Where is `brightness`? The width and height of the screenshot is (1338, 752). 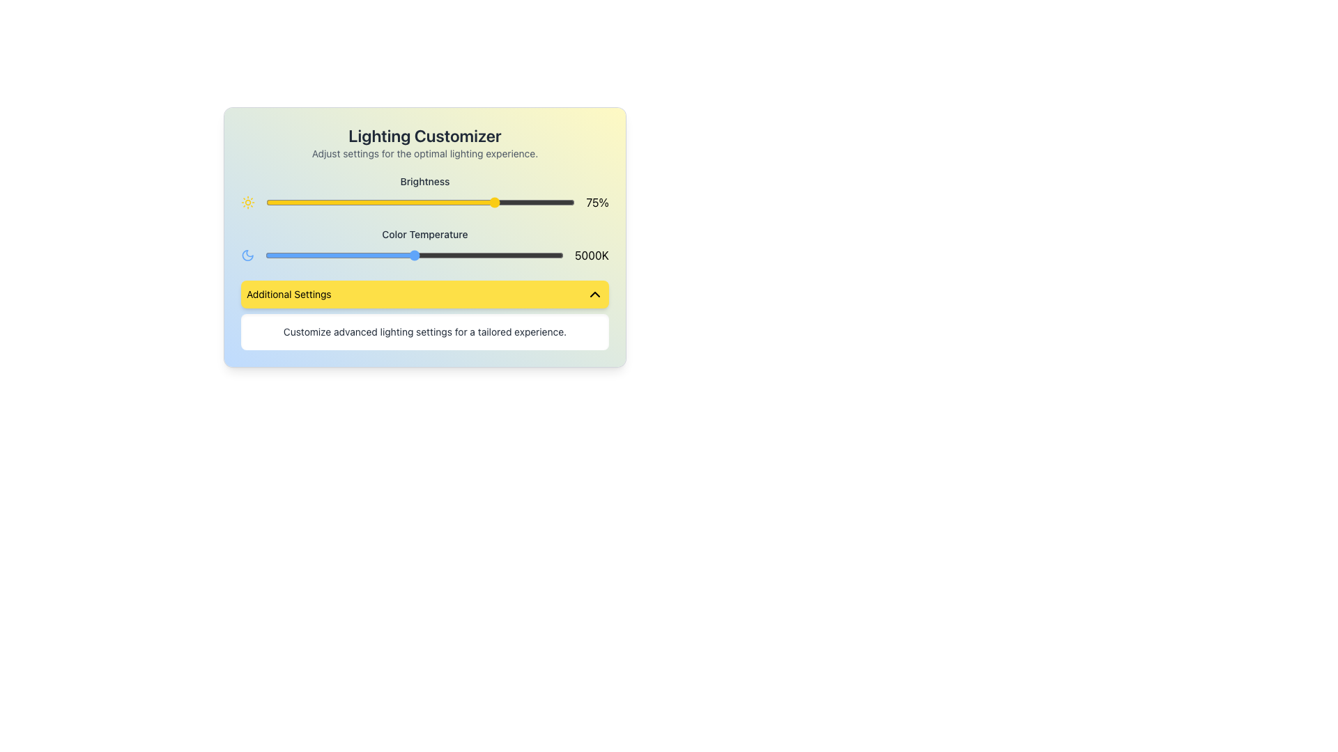 brightness is located at coordinates (380, 202).